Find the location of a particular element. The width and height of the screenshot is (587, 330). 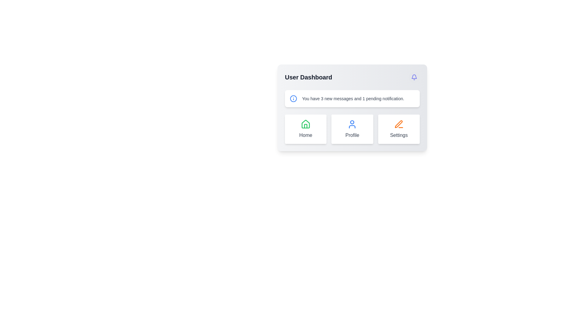

the Text block with an icon that notifies the user of new messages and pending notifications, located in the User Dashboard is located at coordinates (352, 98).